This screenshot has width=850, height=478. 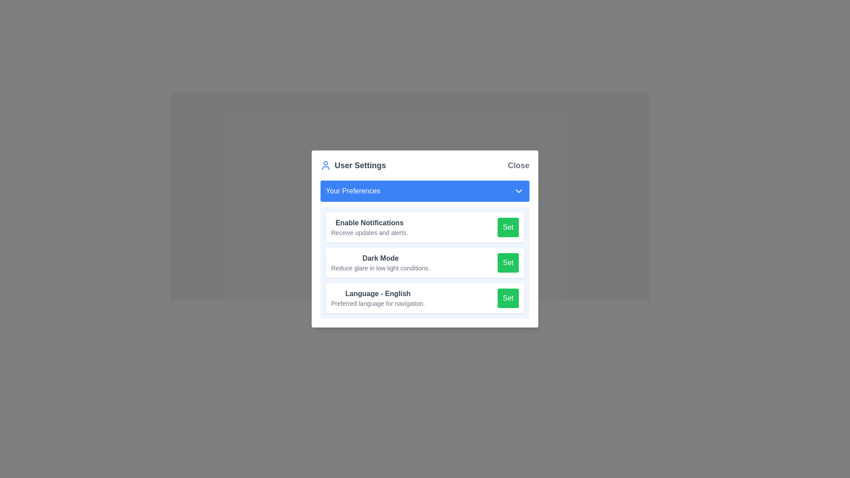 What do you see at coordinates (378, 298) in the screenshot?
I see `the Informational text block displaying 'Language - English' and 'Preferred language for navigation' within the preference settings modal` at bounding box center [378, 298].